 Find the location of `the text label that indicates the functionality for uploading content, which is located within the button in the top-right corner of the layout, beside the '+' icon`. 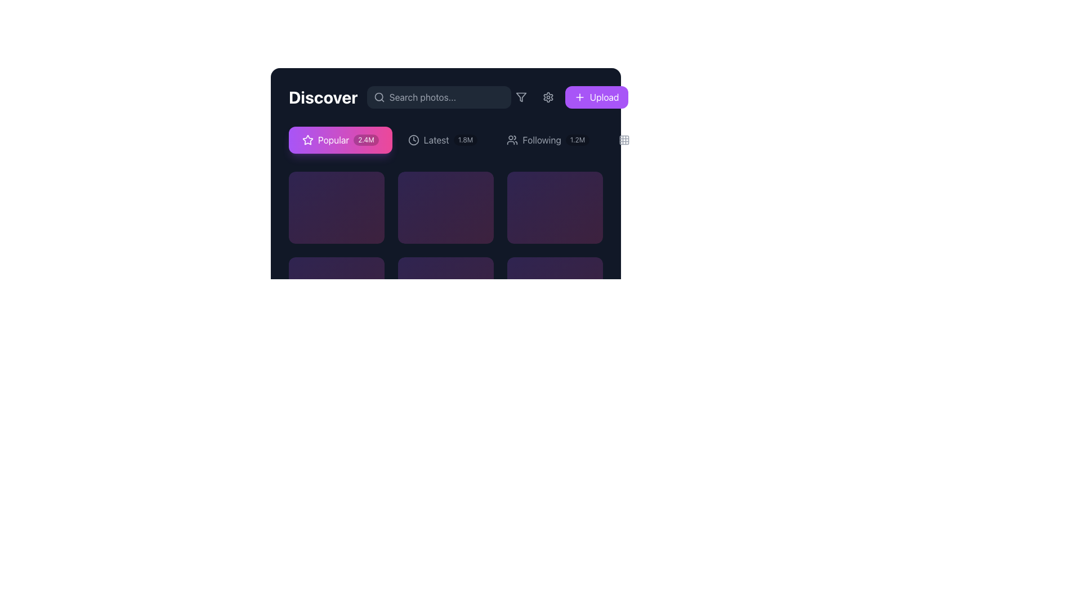

the text label that indicates the functionality for uploading content, which is located within the button in the top-right corner of the layout, beside the '+' icon is located at coordinates (604, 97).